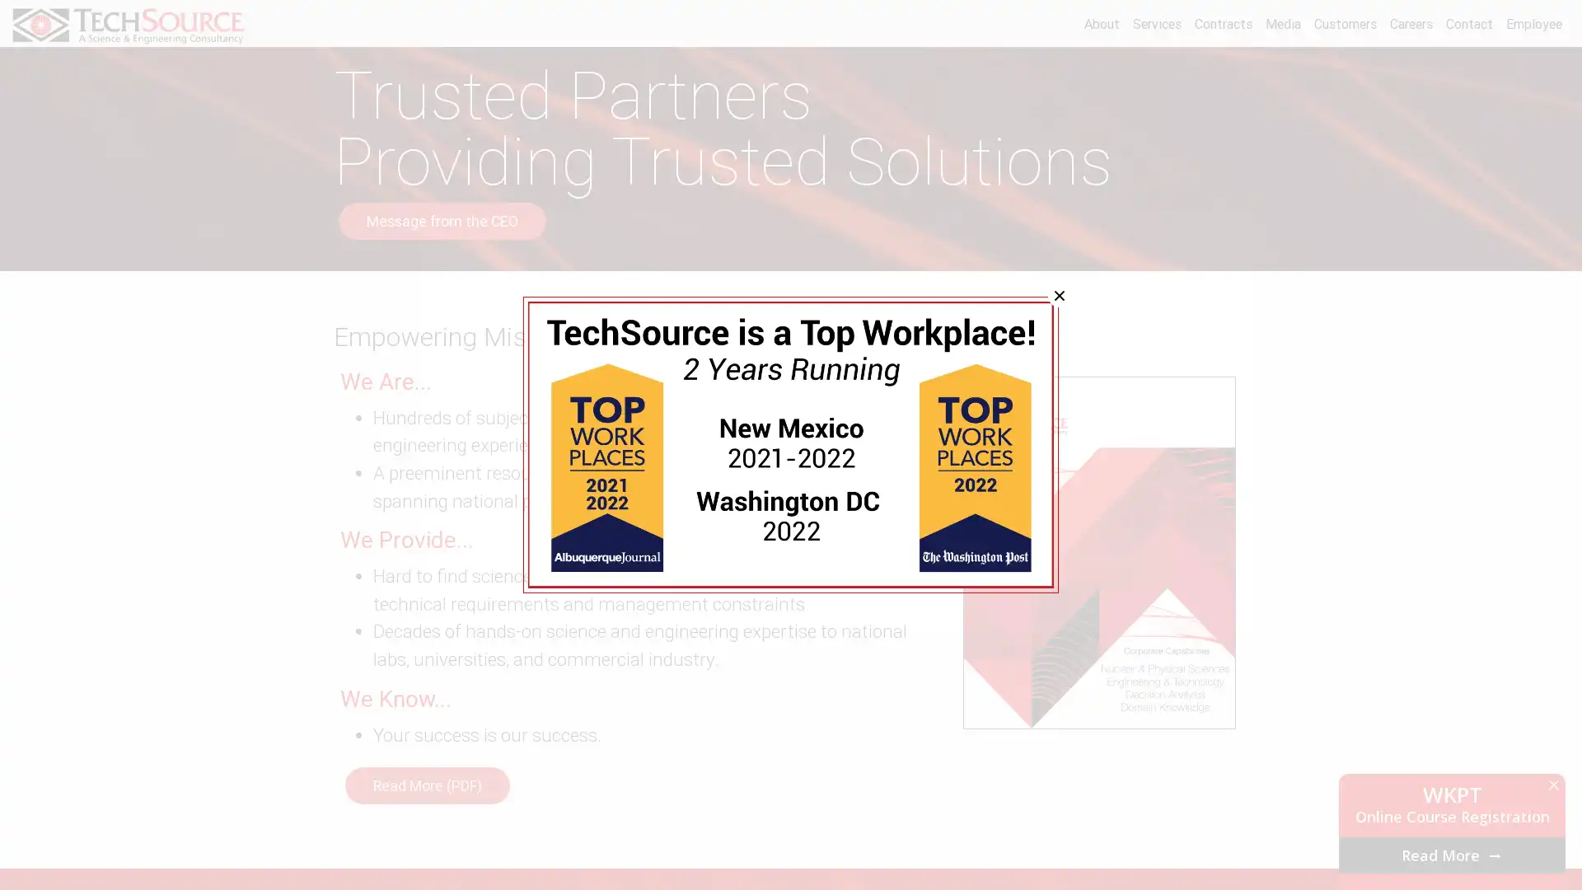 This screenshot has width=1582, height=890. What do you see at coordinates (1060, 294) in the screenshot?
I see `Close` at bounding box center [1060, 294].